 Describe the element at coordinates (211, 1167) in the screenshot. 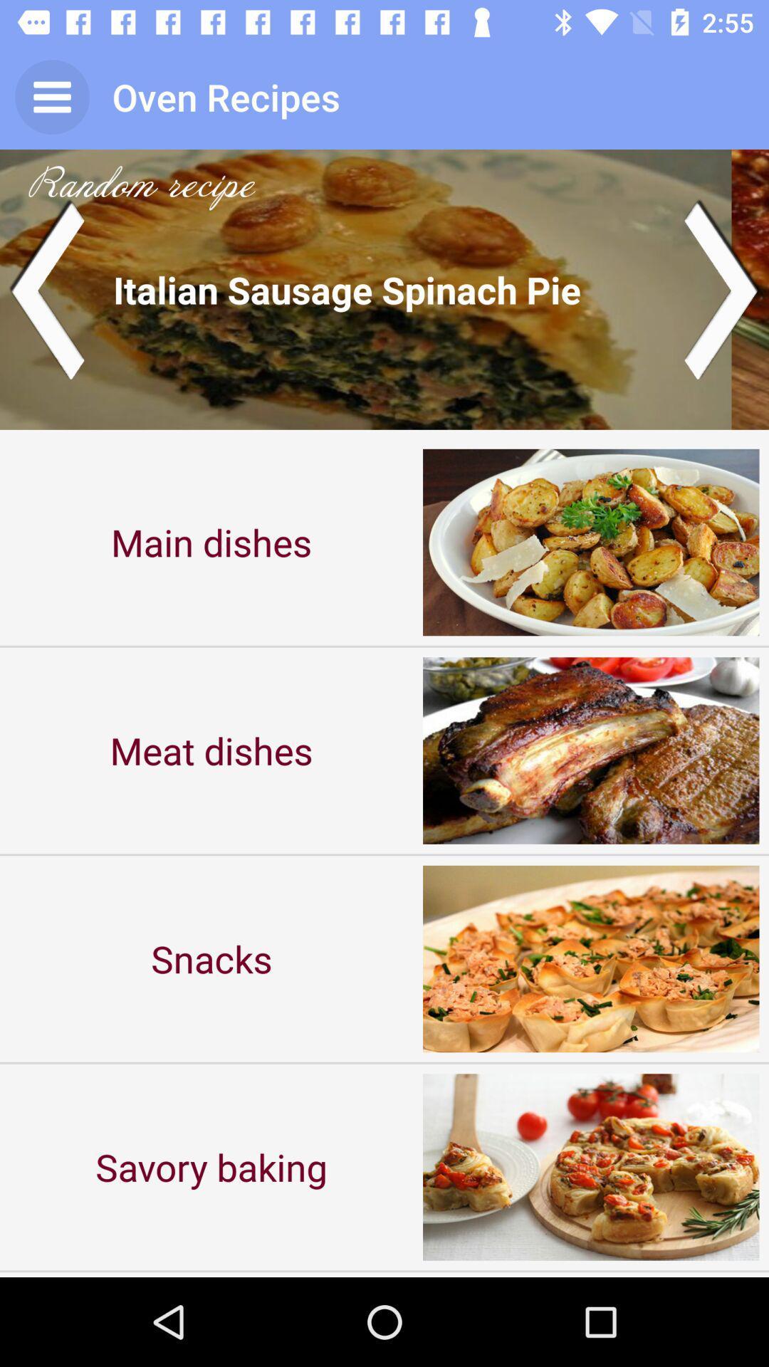

I see `savory baking icon` at that location.